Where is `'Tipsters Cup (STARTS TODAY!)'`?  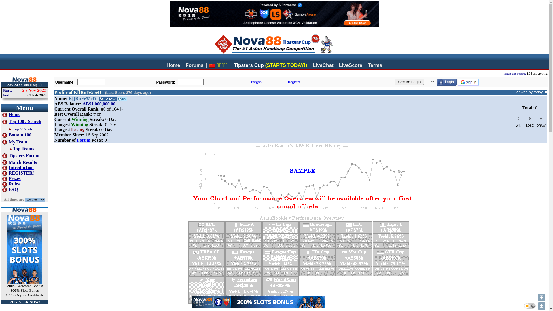 'Tipsters Cup (STARTS TODAY!)' is located at coordinates (270, 65).